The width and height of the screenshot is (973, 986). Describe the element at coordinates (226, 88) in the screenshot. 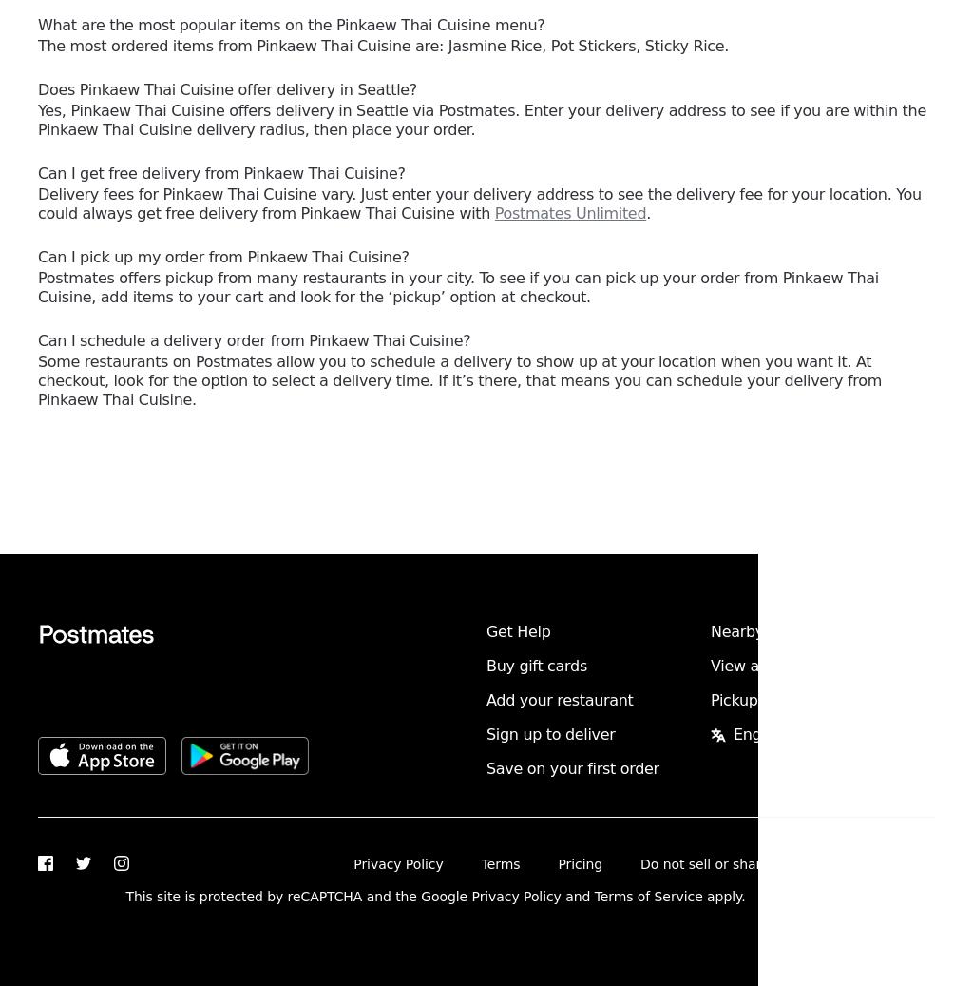

I see `'Does Pinkaew Thai Cuisine offer delivery in Seattle?'` at that location.